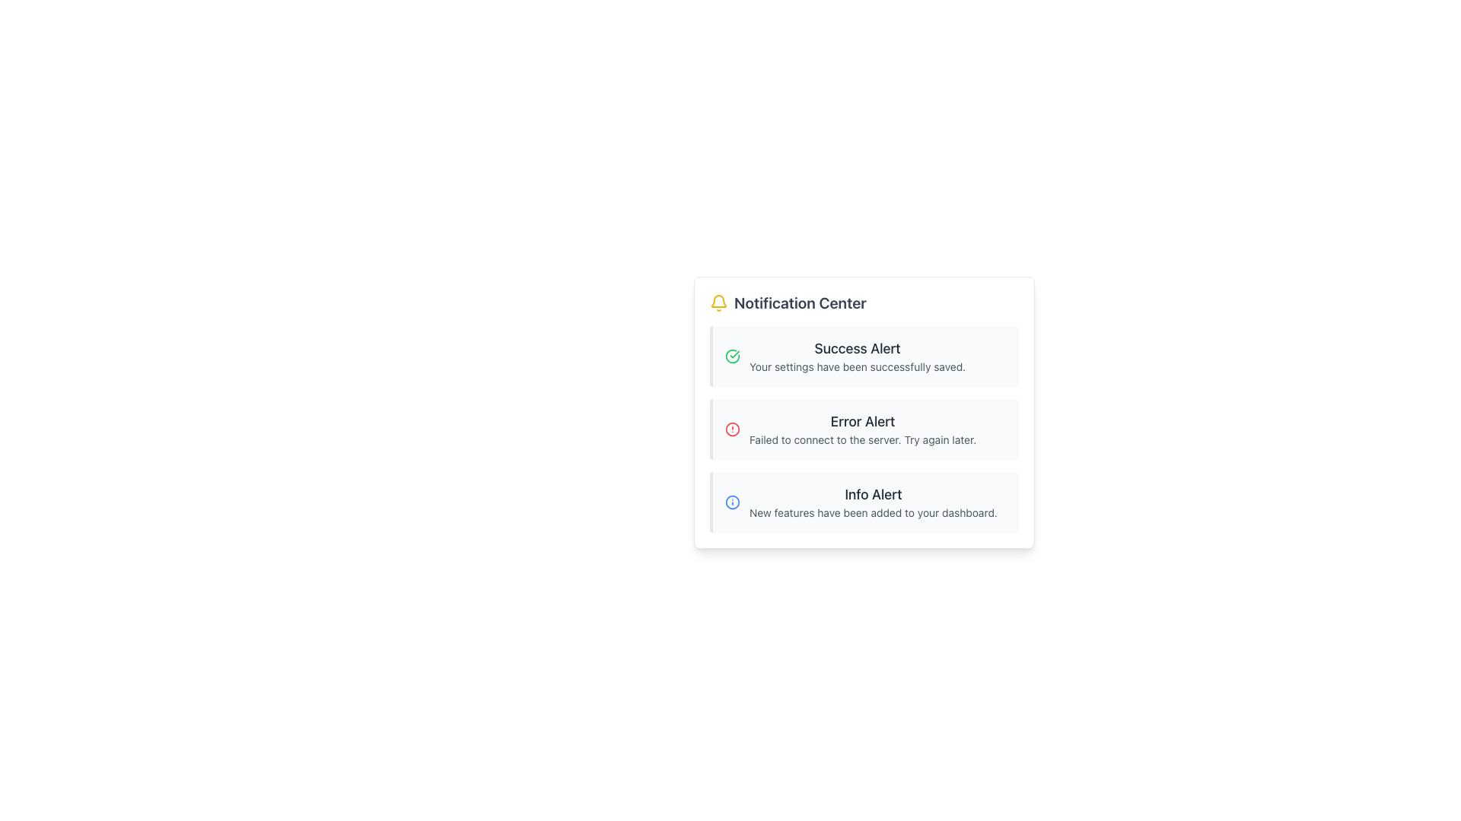 Image resolution: width=1461 pixels, height=821 pixels. What do you see at coordinates (733, 502) in the screenshot?
I see `the 'Info' icon, which is a blue circular outline with a central dot, located in the notification card labeled 'Info Alert' at the bottom of the 'Notification Center'` at bounding box center [733, 502].